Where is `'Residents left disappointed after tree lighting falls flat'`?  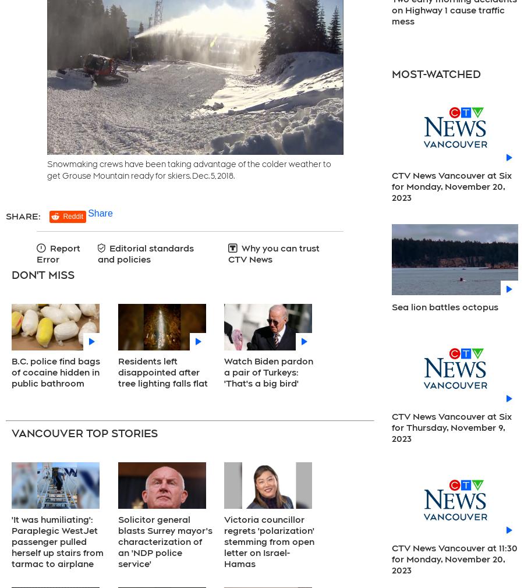
'Residents left disappointed after tree lighting falls flat' is located at coordinates (162, 371).